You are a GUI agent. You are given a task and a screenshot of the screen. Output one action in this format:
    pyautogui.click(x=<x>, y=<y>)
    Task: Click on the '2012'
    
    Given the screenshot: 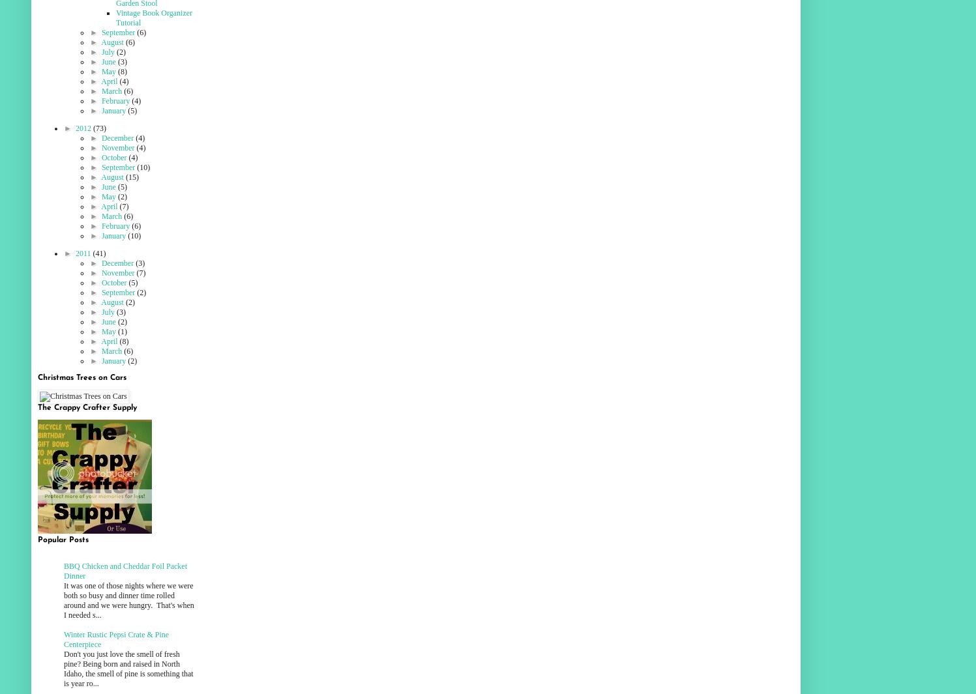 What is the action you would take?
    pyautogui.click(x=83, y=128)
    